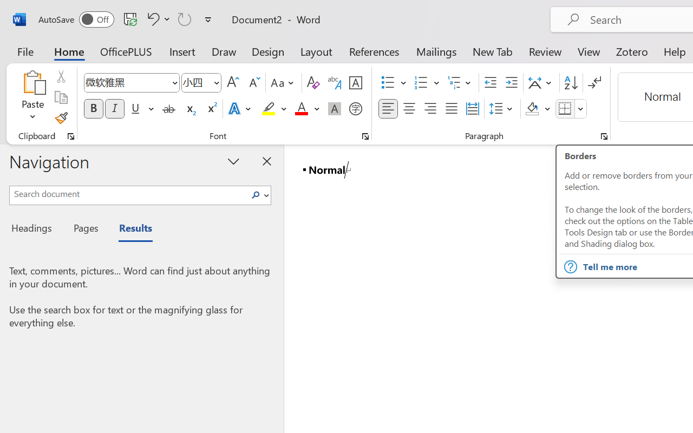 The width and height of the screenshot is (693, 433). I want to click on 'Undo Style', so click(156, 18).